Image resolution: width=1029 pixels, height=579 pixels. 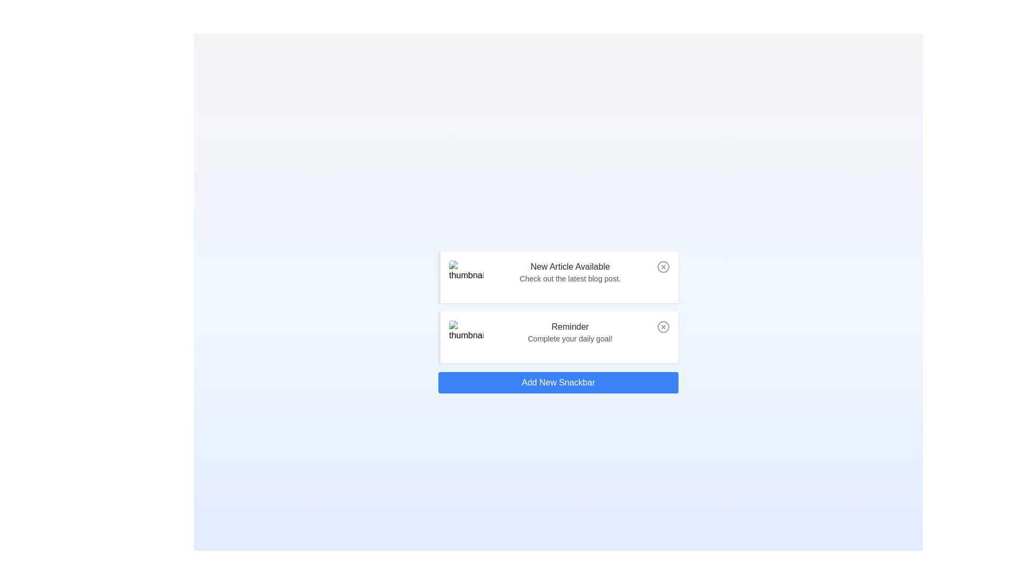 I want to click on the notification image for New Article Available, so click(x=466, y=277).